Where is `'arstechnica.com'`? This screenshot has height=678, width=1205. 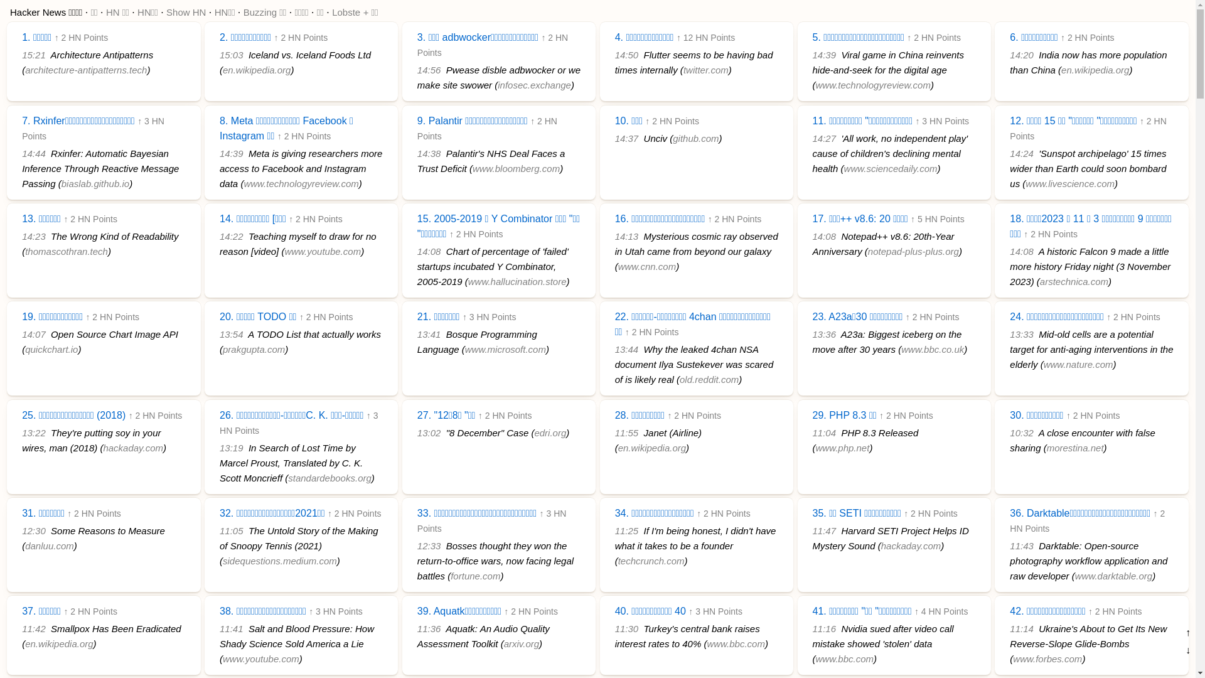
'arstechnica.com' is located at coordinates (1073, 281).